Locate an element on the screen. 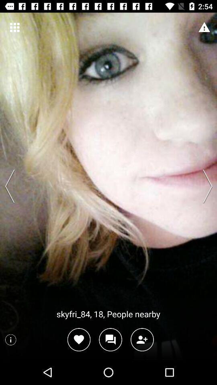 The image size is (217, 385). information is located at coordinates (10, 339).